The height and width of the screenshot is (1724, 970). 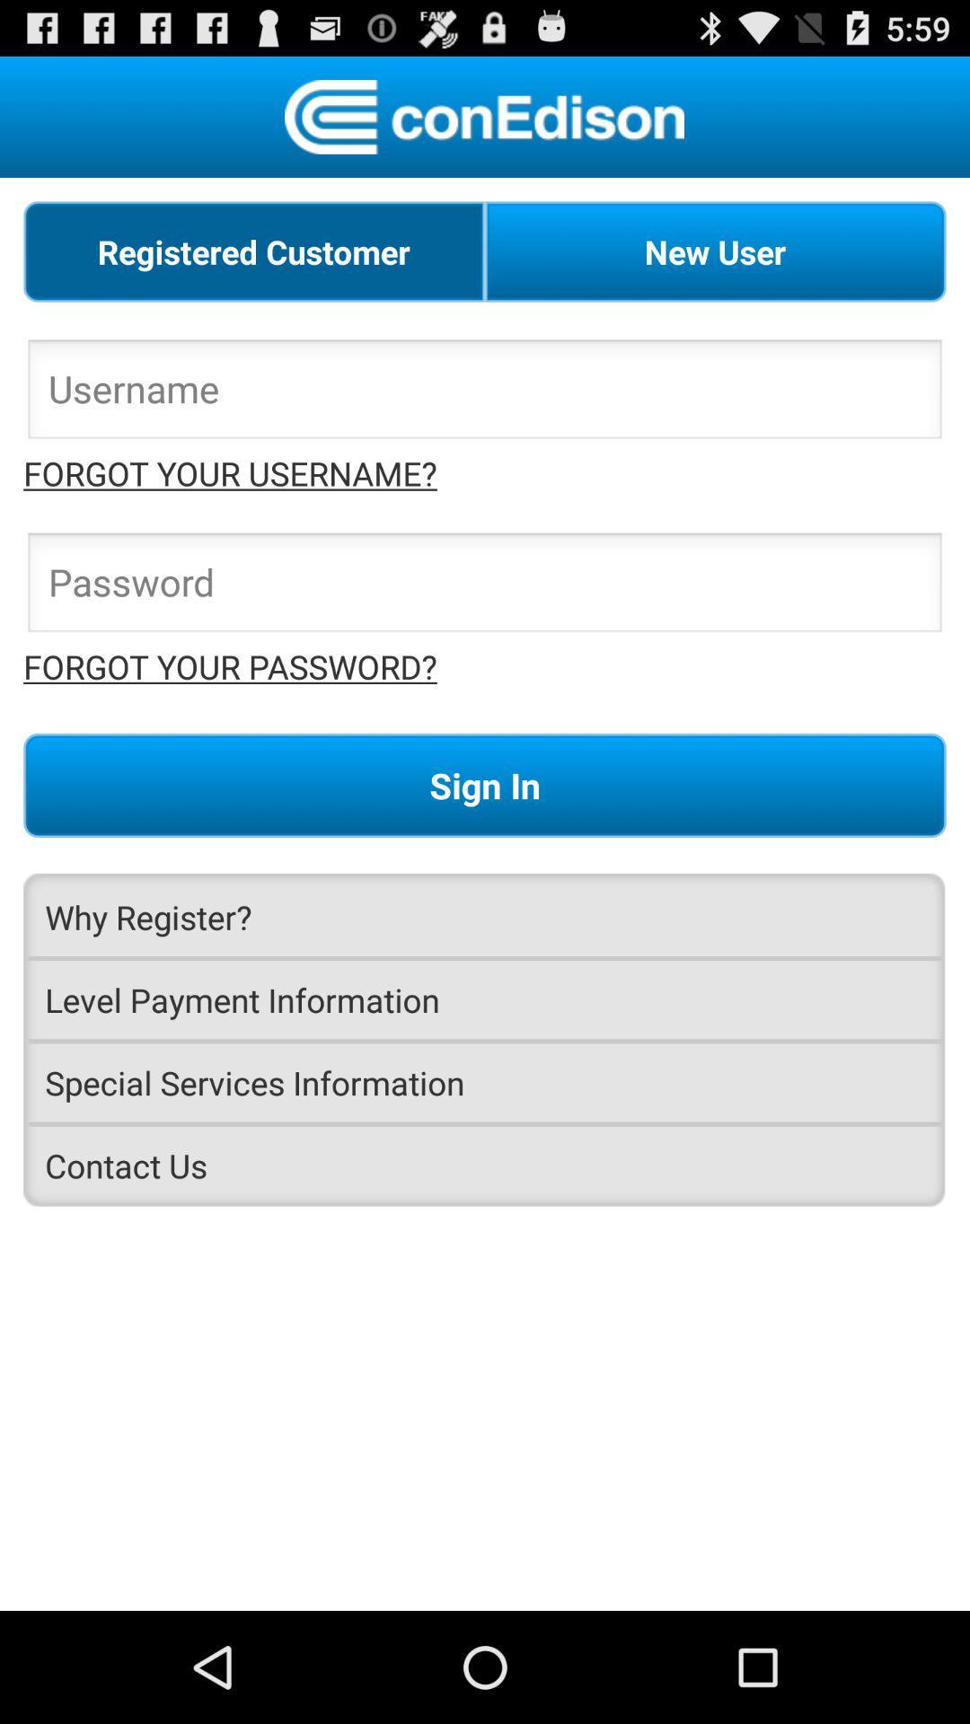 What do you see at coordinates (485, 998) in the screenshot?
I see `the level payment information item` at bounding box center [485, 998].